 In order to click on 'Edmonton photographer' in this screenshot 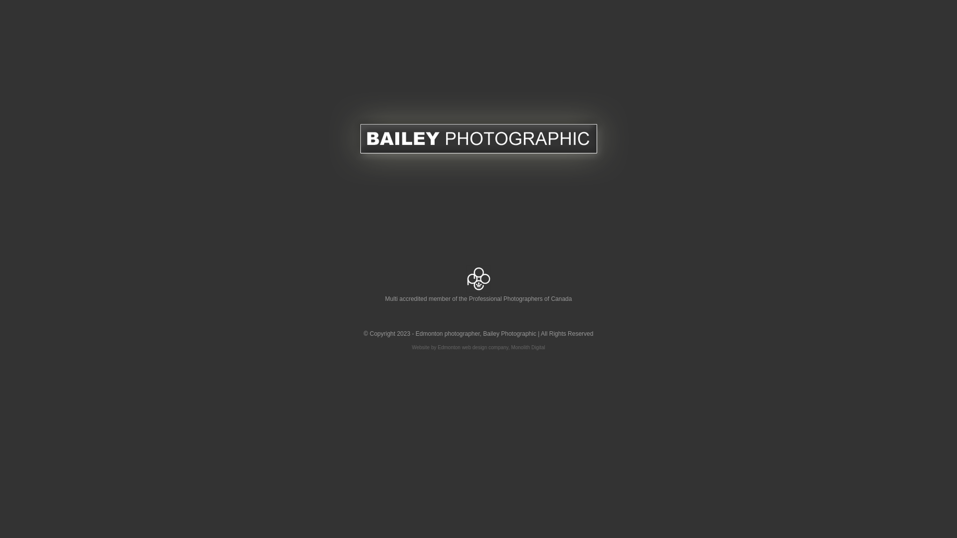, I will do `click(447, 334)`.